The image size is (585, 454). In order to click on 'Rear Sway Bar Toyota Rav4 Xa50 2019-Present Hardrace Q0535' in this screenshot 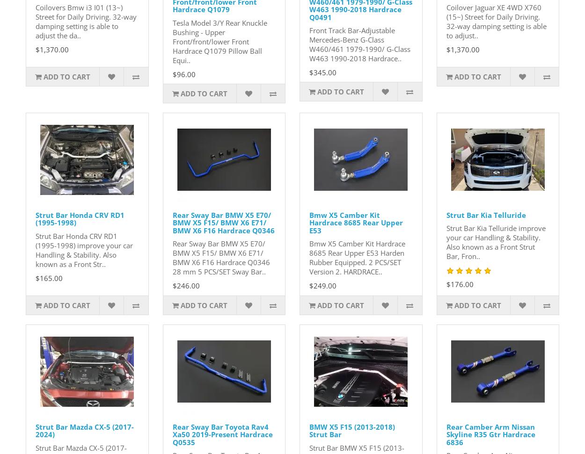, I will do `click(222, 433)`.